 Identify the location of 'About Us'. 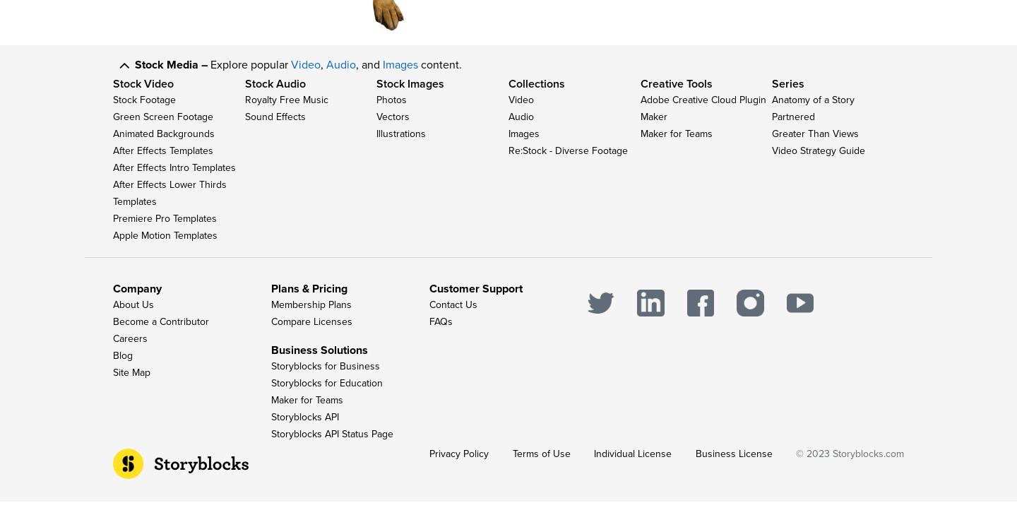
(133, 317).